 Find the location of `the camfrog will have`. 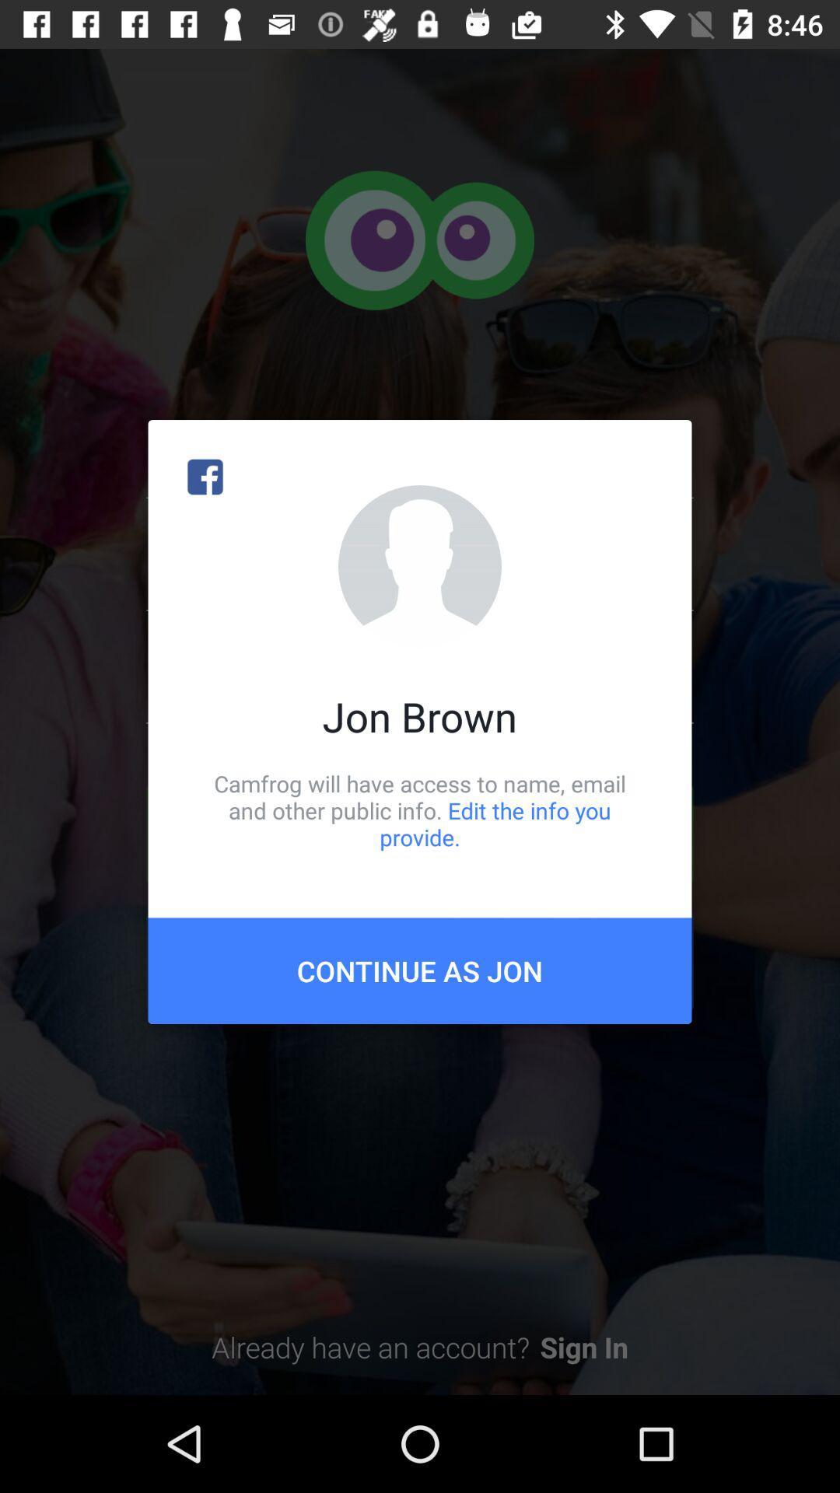

the camfrog will have is located at coordinates (420, 809).